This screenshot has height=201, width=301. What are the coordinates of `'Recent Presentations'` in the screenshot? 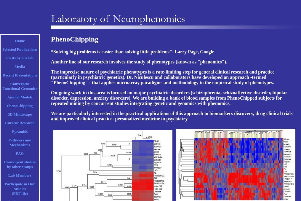 It's located at (20, 75).